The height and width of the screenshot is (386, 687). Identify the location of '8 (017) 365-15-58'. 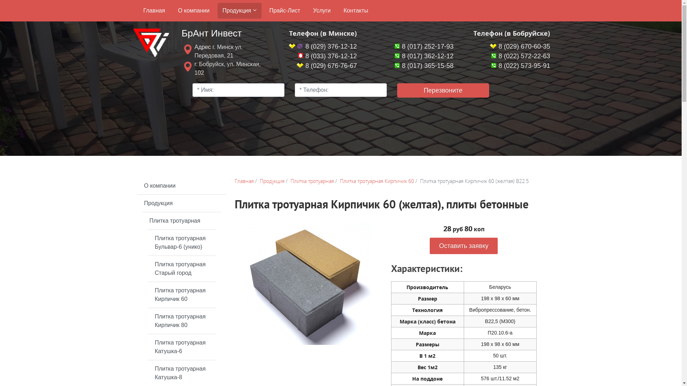
(424, 66).